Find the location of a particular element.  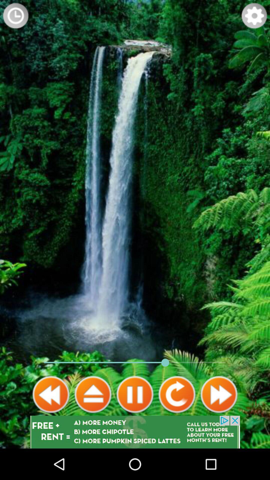

the refresh icon is located at coordinates (177, 422).